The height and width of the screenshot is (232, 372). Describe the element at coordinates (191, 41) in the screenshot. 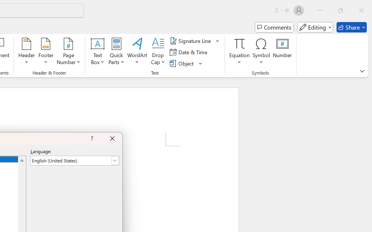

I see `'Signature Line'` at that location.